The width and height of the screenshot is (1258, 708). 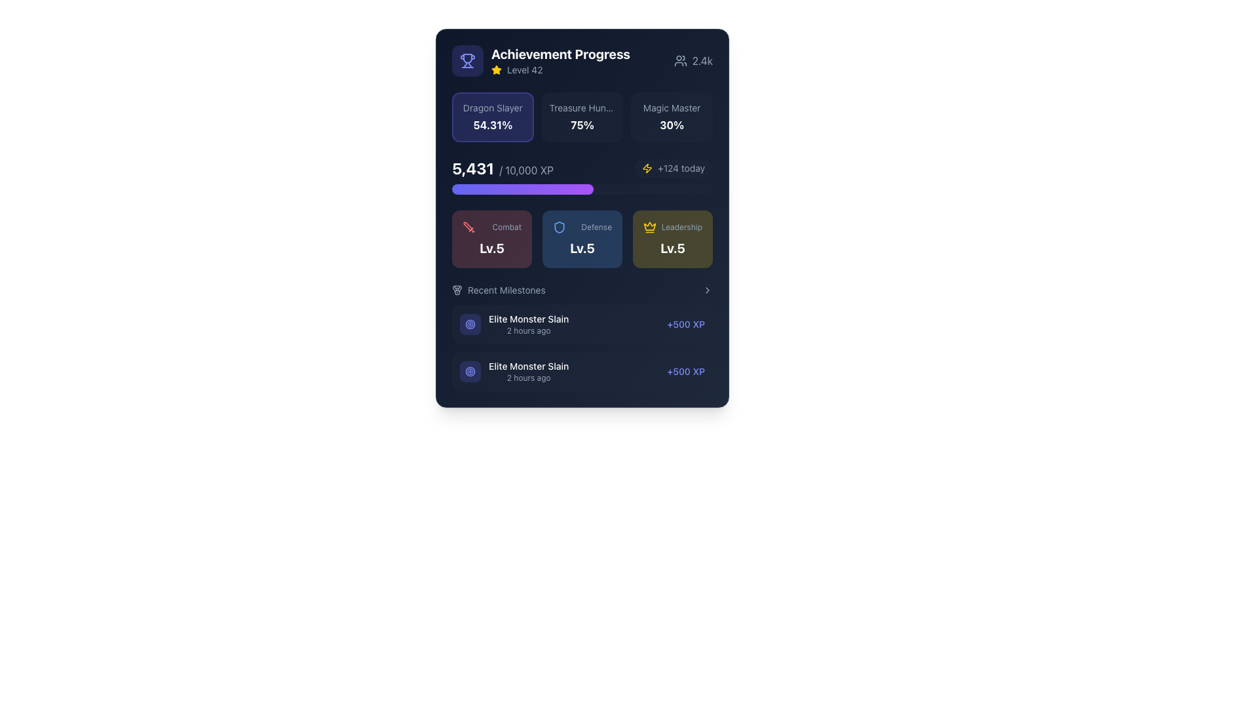 What do you see at coordinates (680, 60) in the screenshot?
I see `the small SVG icon representing user avatars located at the top-right corner of the panel interface, which is minimalistic and light slate gray in color, positioned immediately to the left of the label '2.4k'` at bounding box center [680, 60].